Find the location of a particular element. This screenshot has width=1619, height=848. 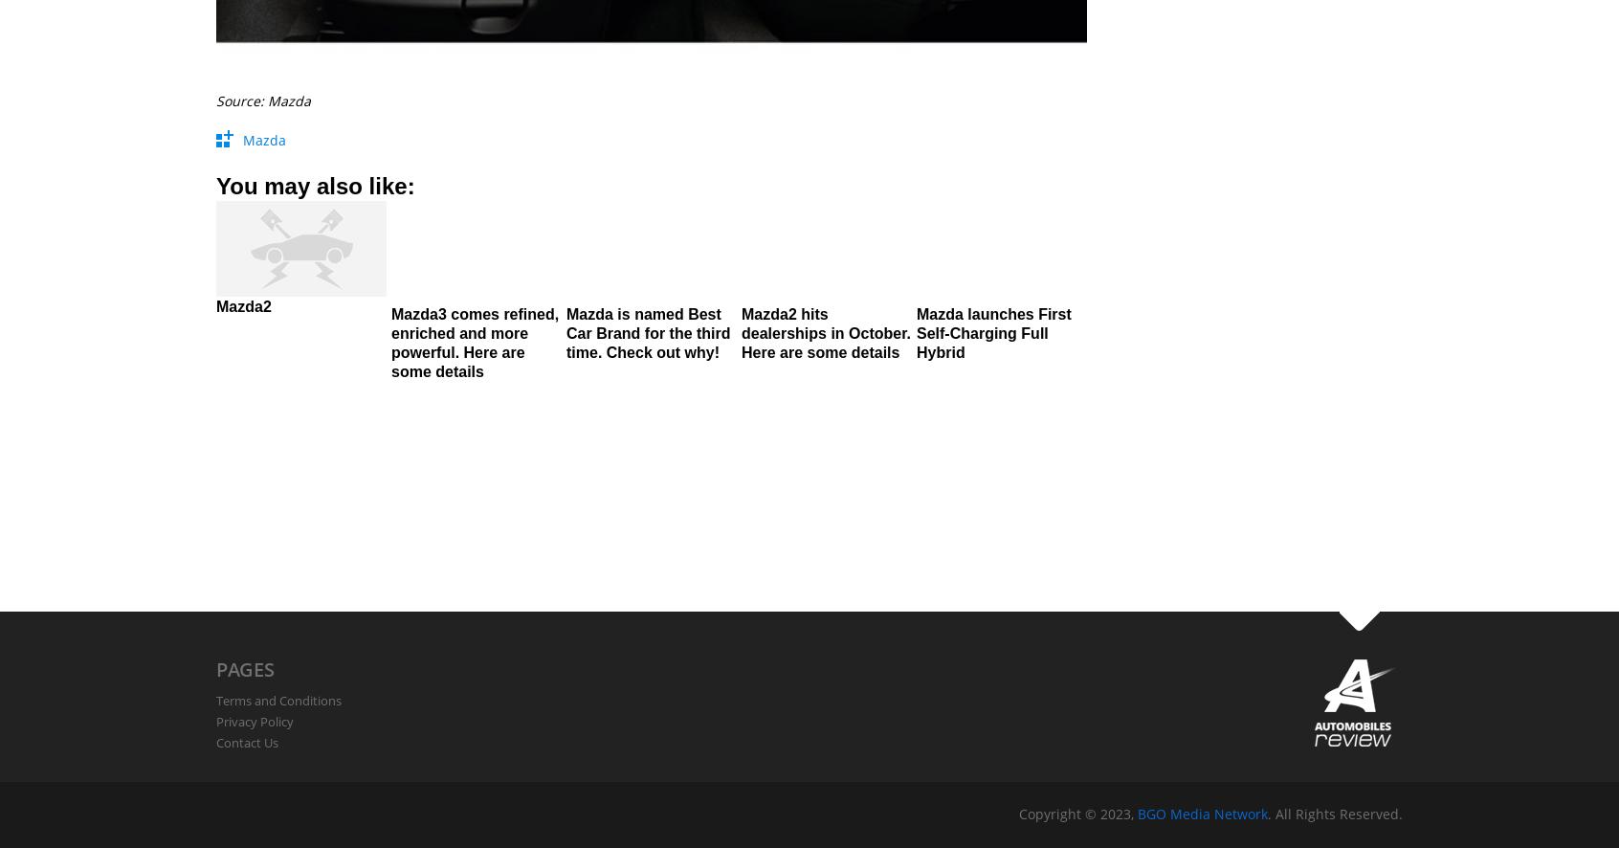

'Privacy Policy' is located at coordinates (255, 721).